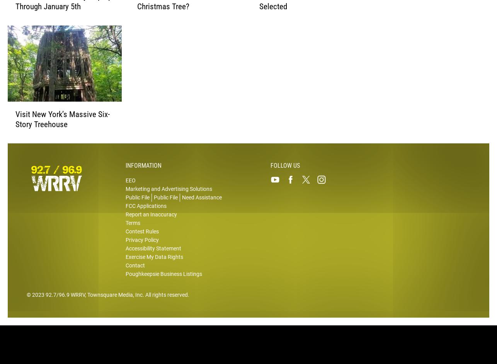 Image resolution: width=497 pixels, height=364 pixels. What do you see at coordinates (125, 243) in the screenshot?
I see `'Privacy Policy'` at bounding box center [125, 243].